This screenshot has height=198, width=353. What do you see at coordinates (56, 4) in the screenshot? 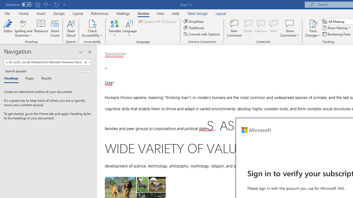
I see `'Repeat Style'` at bounding box center [56, 4].